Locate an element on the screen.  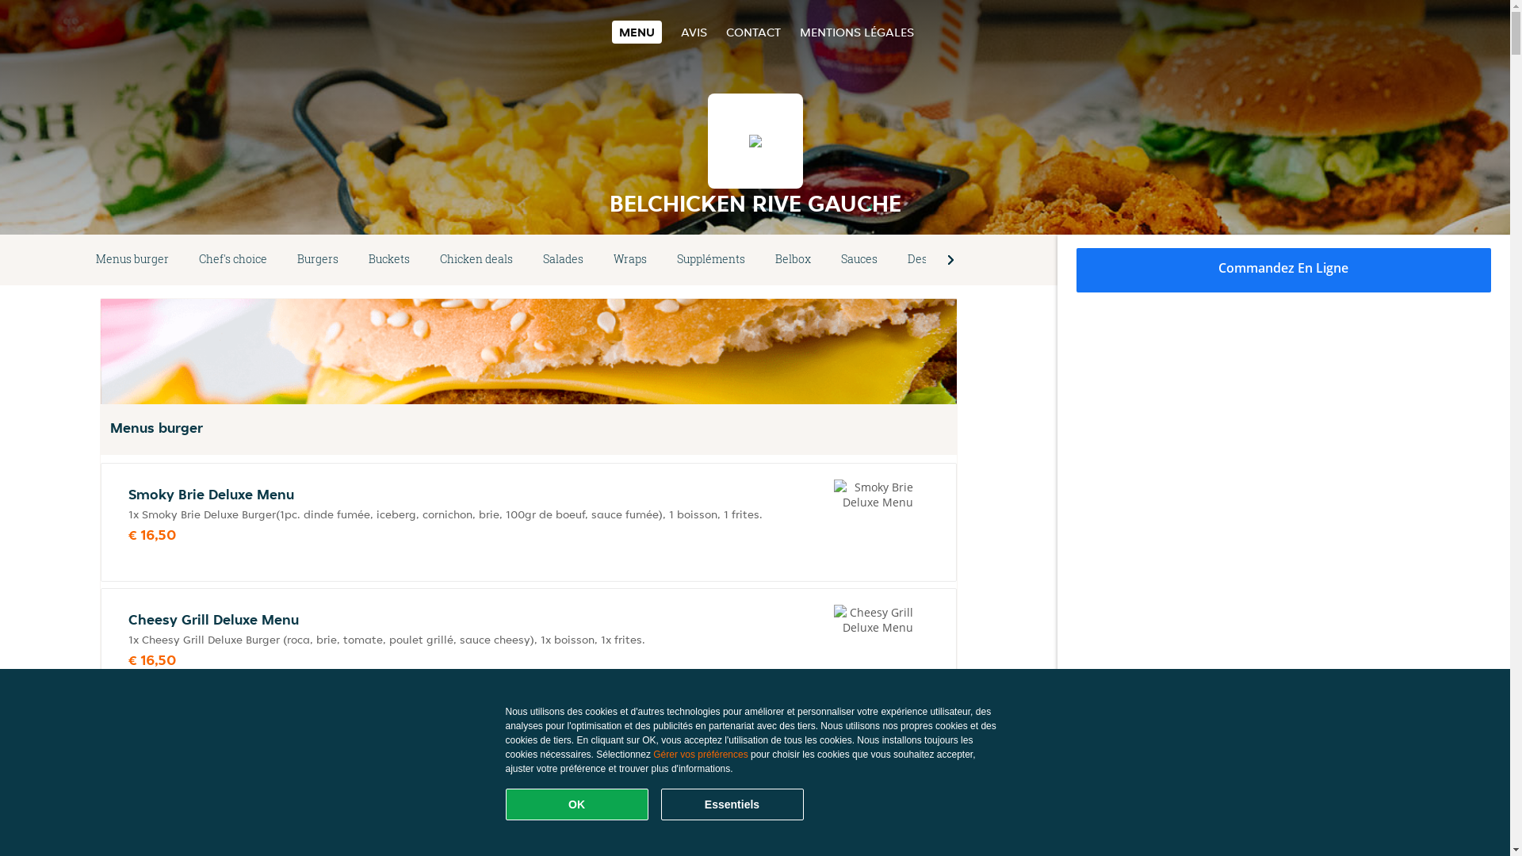
'Sauces' is located at coordinates (859, 258).